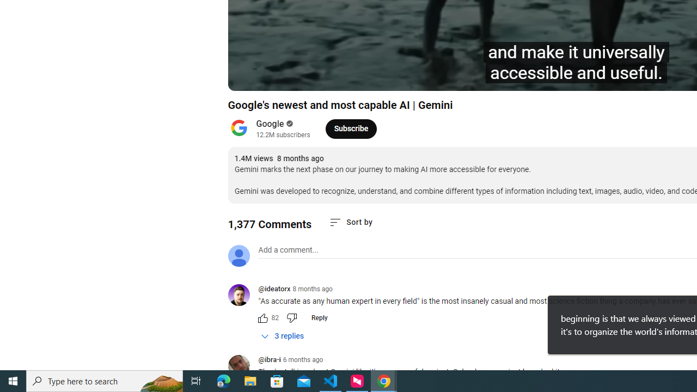 This screenshot has width=697, height=392. I want to click on 'Default profile photo', so click(239, 256).